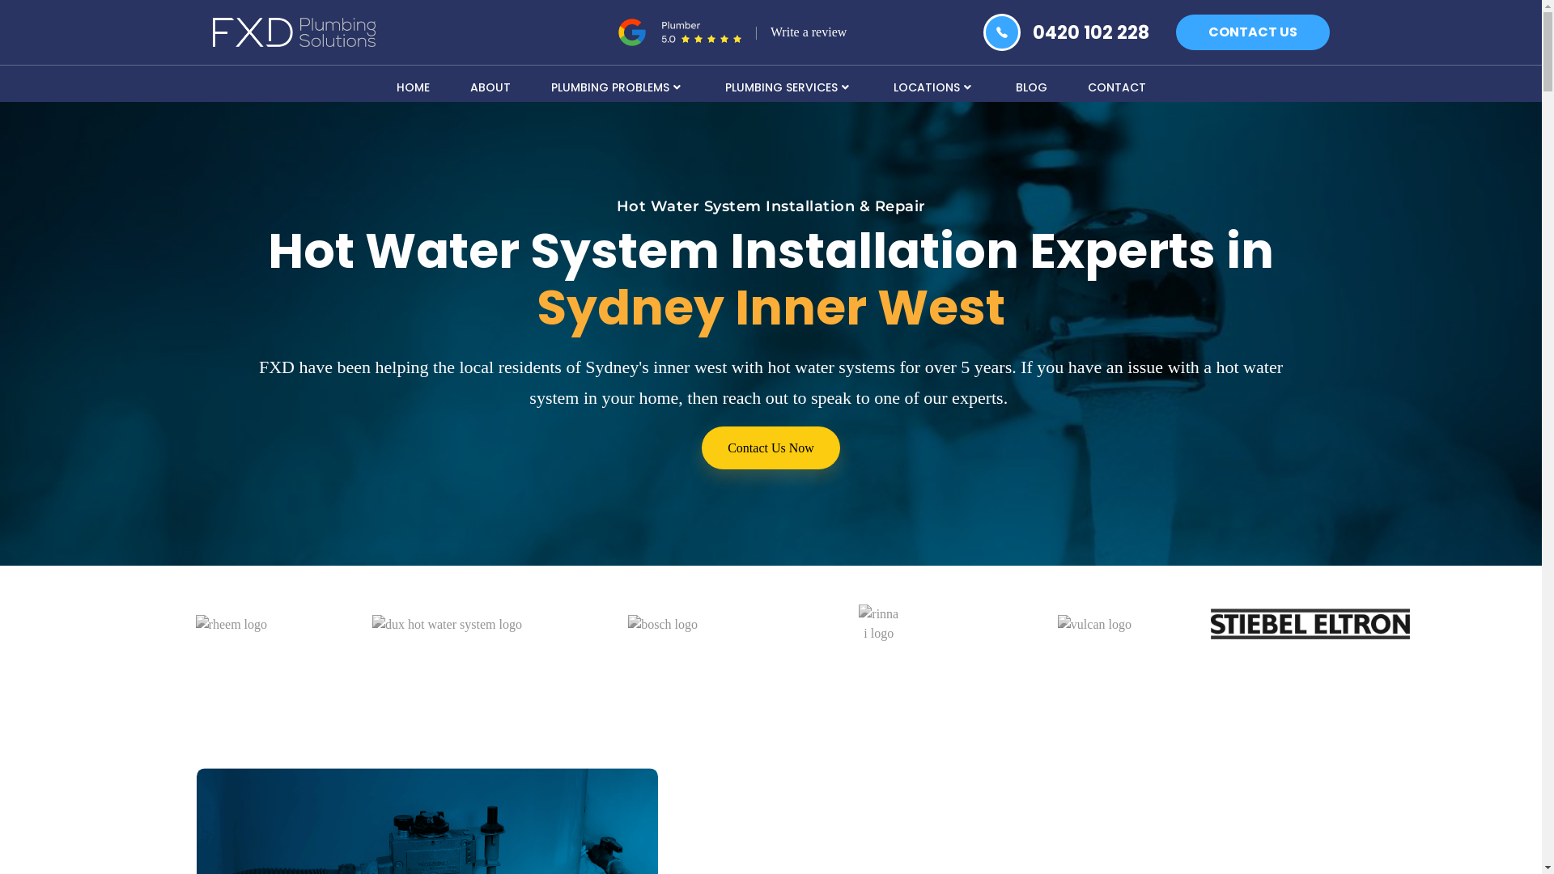 The image size is (1554, 874). What do you see at coordinates (412, 85) in the screenshot?
I see `'HOME'` at bounding box center [412, 85].